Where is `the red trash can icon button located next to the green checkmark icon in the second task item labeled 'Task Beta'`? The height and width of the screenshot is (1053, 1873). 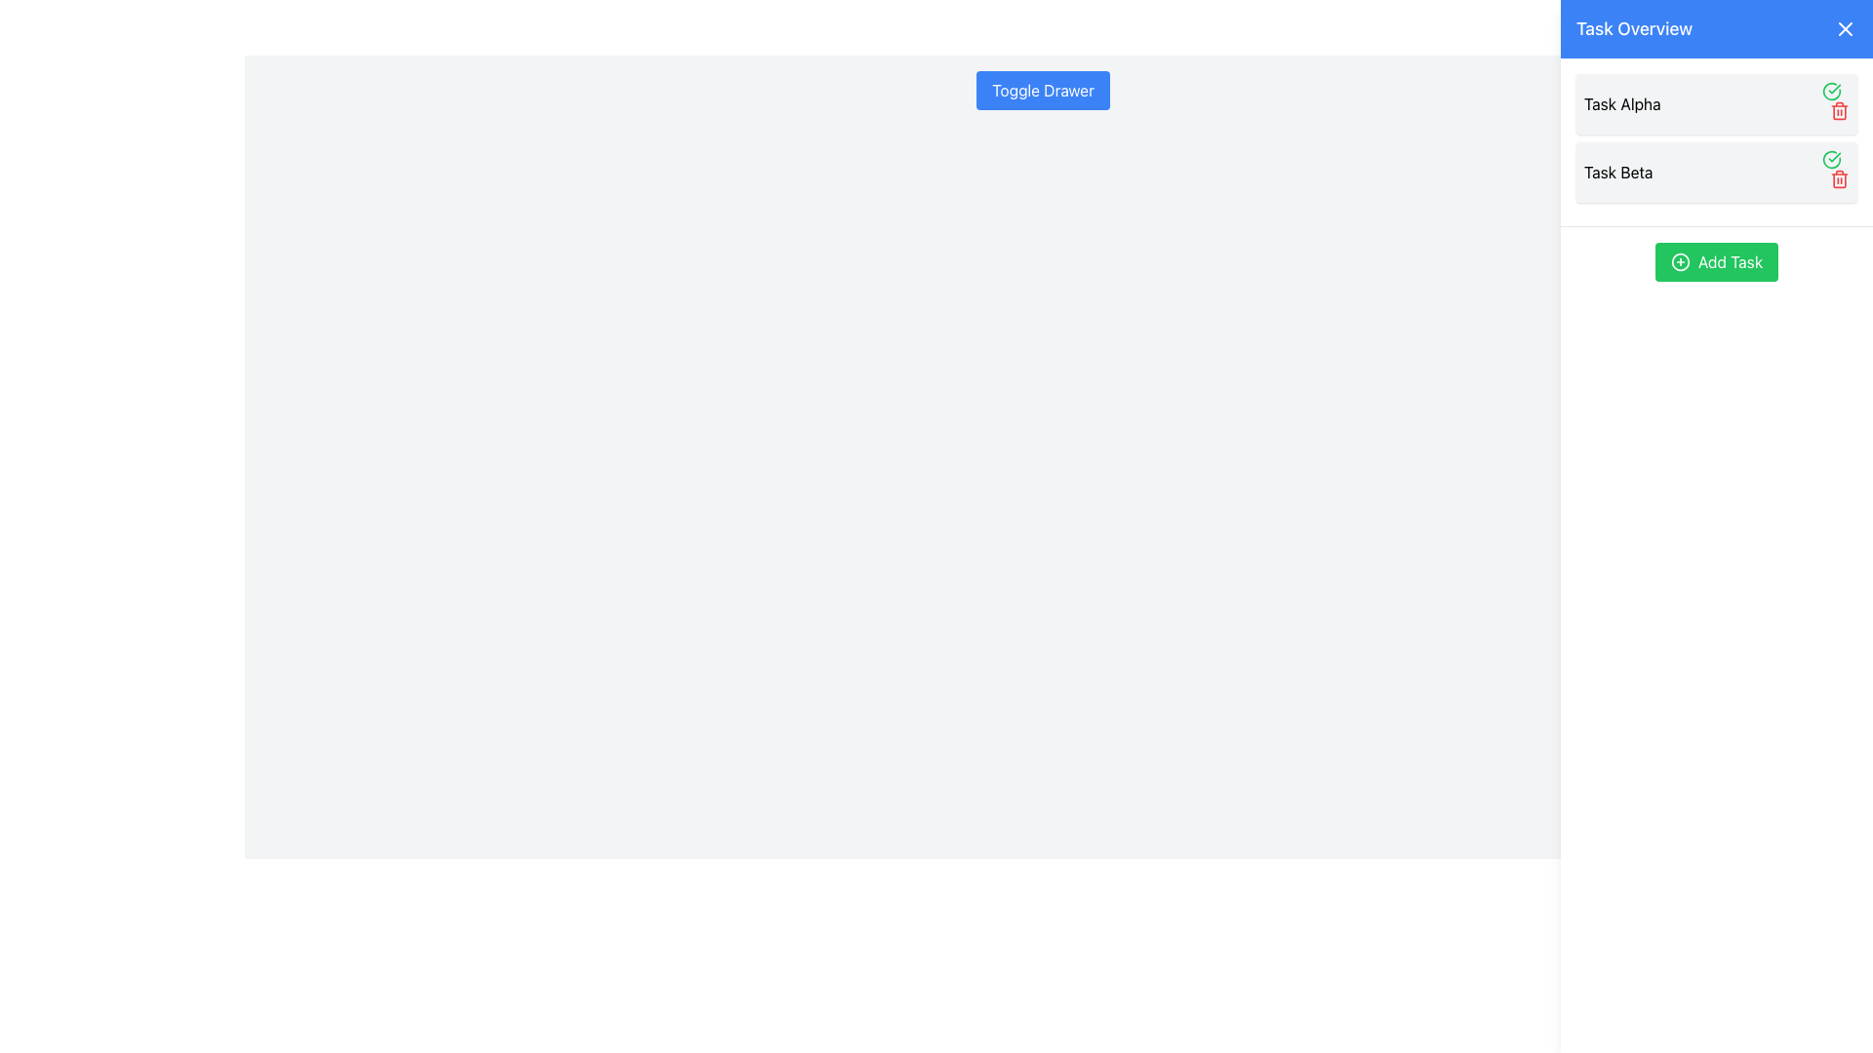
the red trash can icon button located next to the green checkmark icon in the second task item labeled 'Task Beta' is located at coordinates (1839, 179).